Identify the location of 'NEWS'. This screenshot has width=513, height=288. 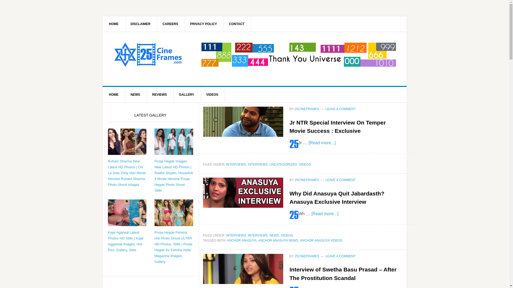
(274, 235).